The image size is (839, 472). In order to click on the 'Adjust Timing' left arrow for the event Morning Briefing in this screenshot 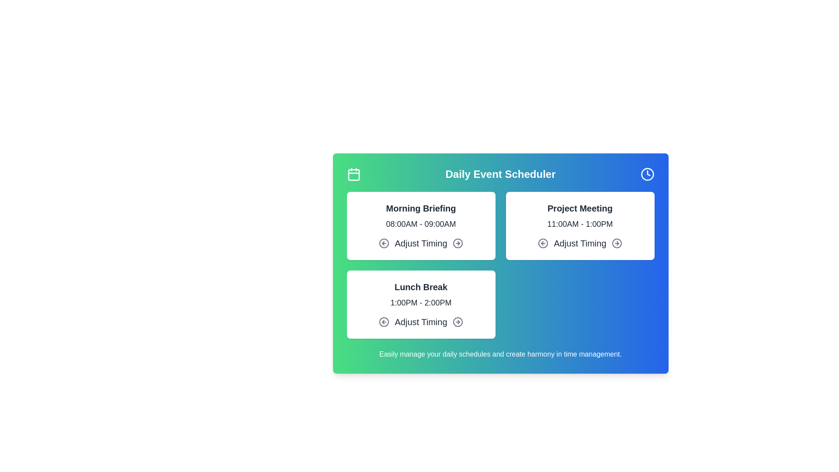, I will do `click(384, 243)`.